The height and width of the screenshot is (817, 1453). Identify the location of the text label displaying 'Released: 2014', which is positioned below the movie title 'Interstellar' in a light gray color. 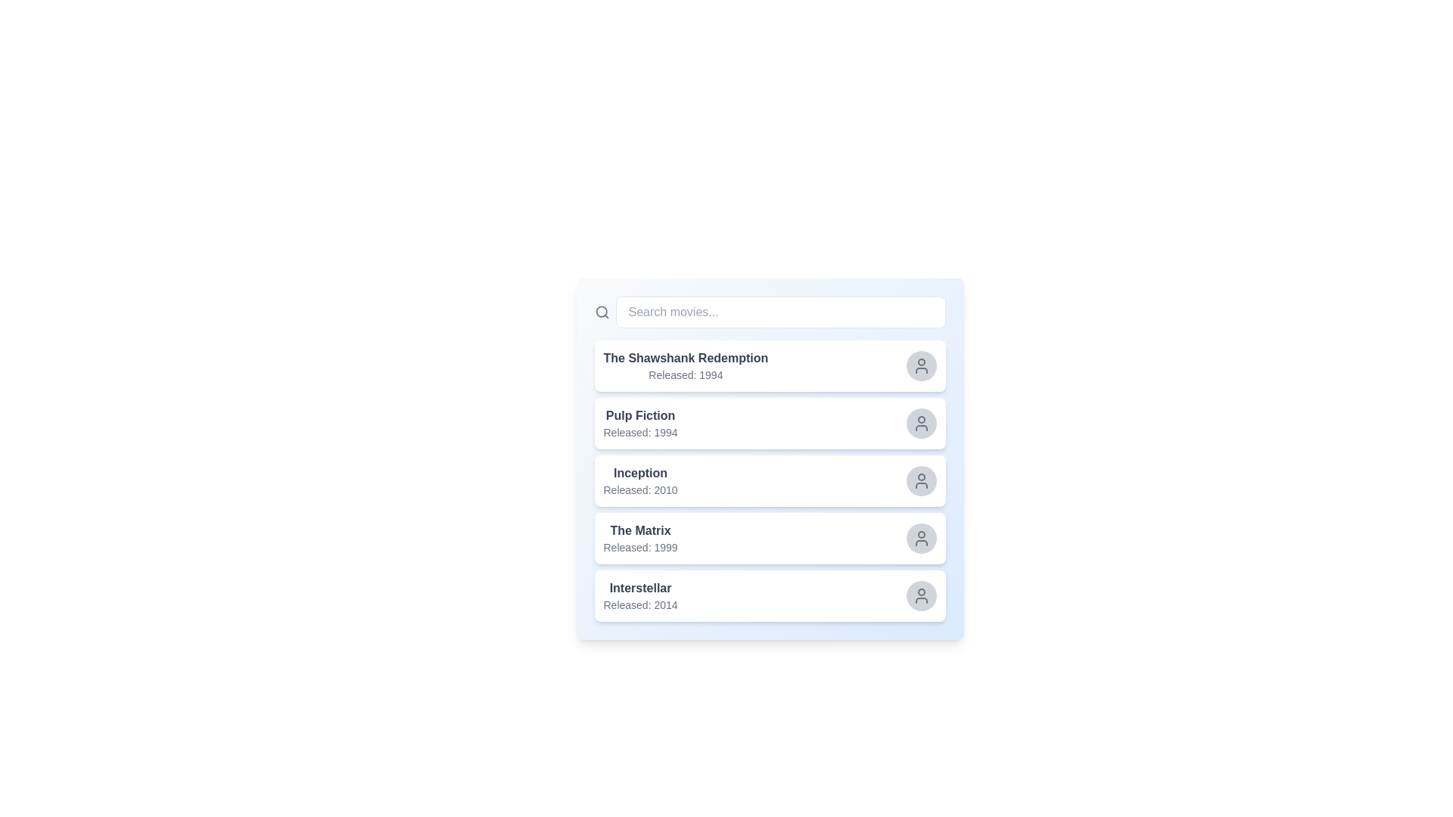
(640, 604).